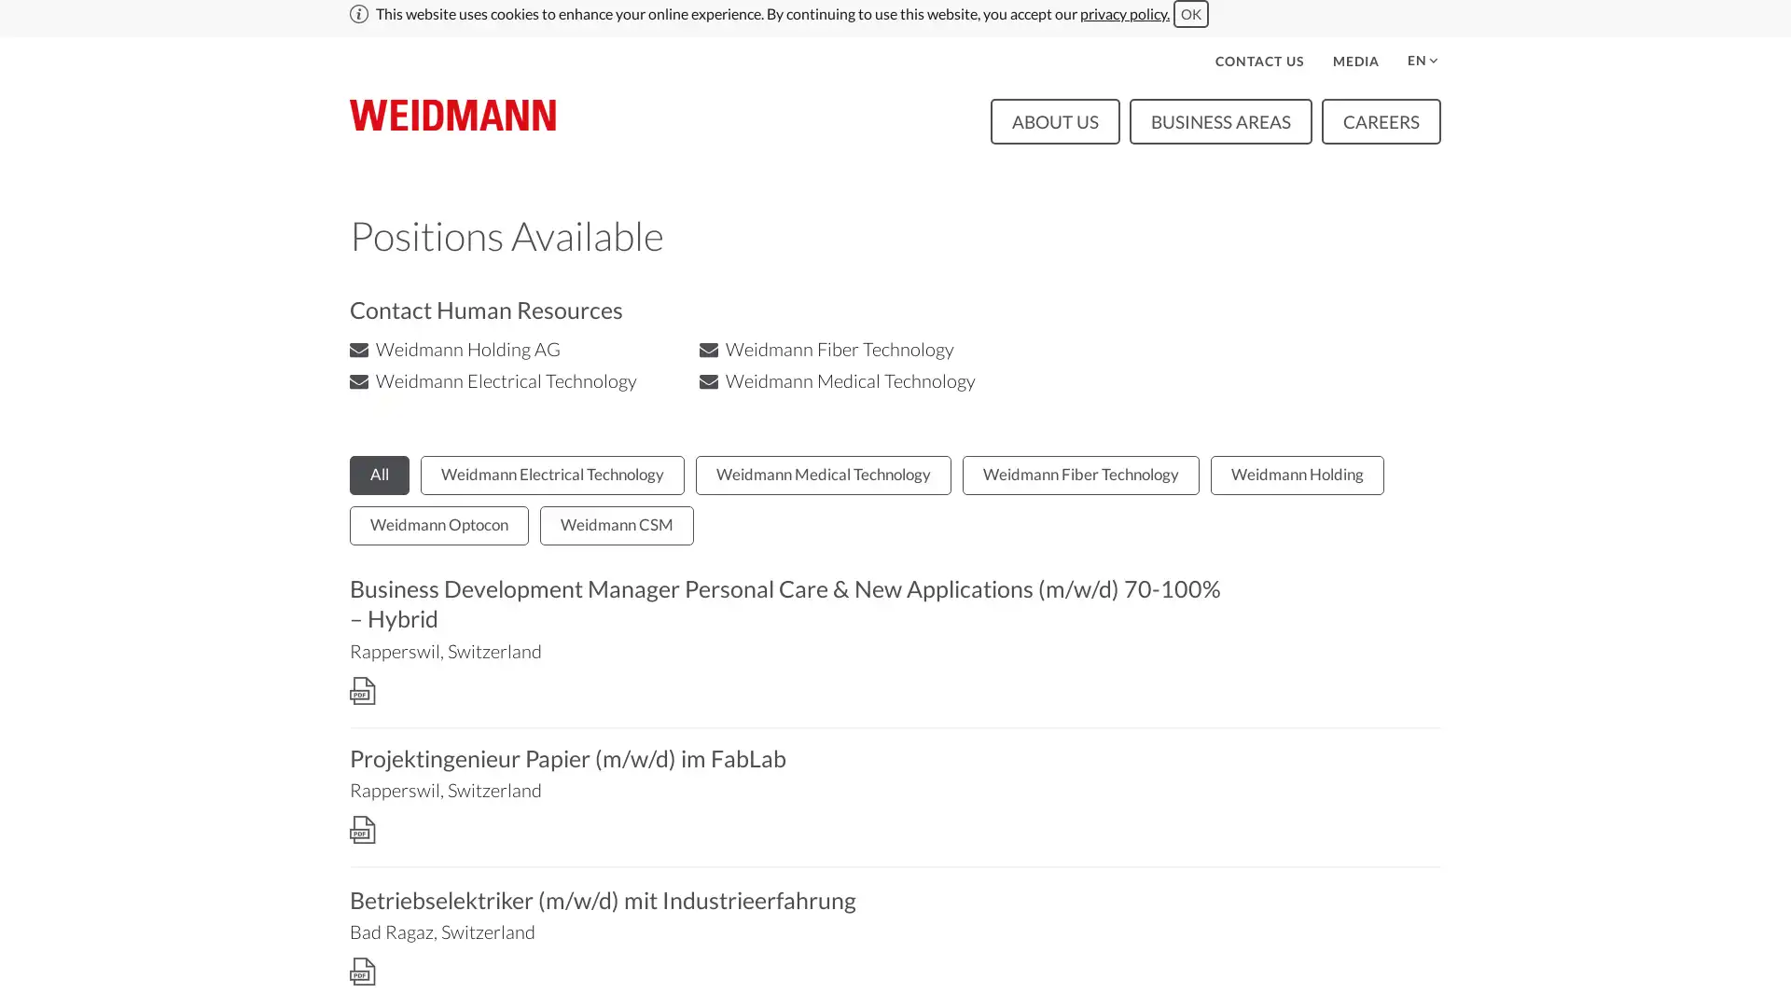  I want to click on Weidmann Fiber Technology, so click(1080, 437).